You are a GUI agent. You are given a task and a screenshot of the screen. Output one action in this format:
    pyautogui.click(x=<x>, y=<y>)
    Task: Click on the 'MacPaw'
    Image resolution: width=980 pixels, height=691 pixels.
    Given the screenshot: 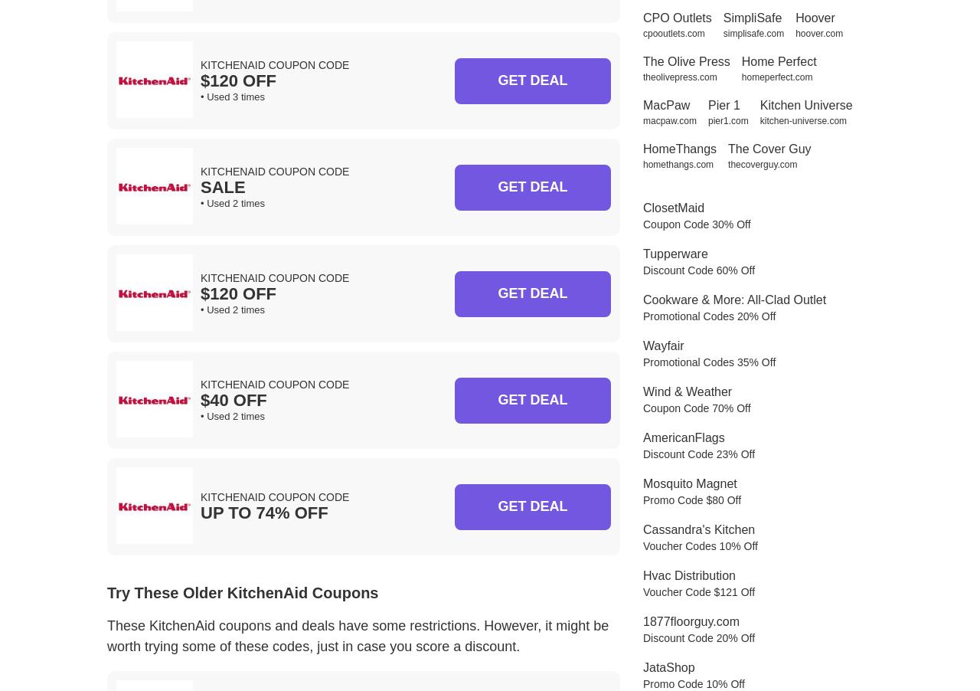 What is the action you would take?
    pyautogui.click(x=642, y=104)
    